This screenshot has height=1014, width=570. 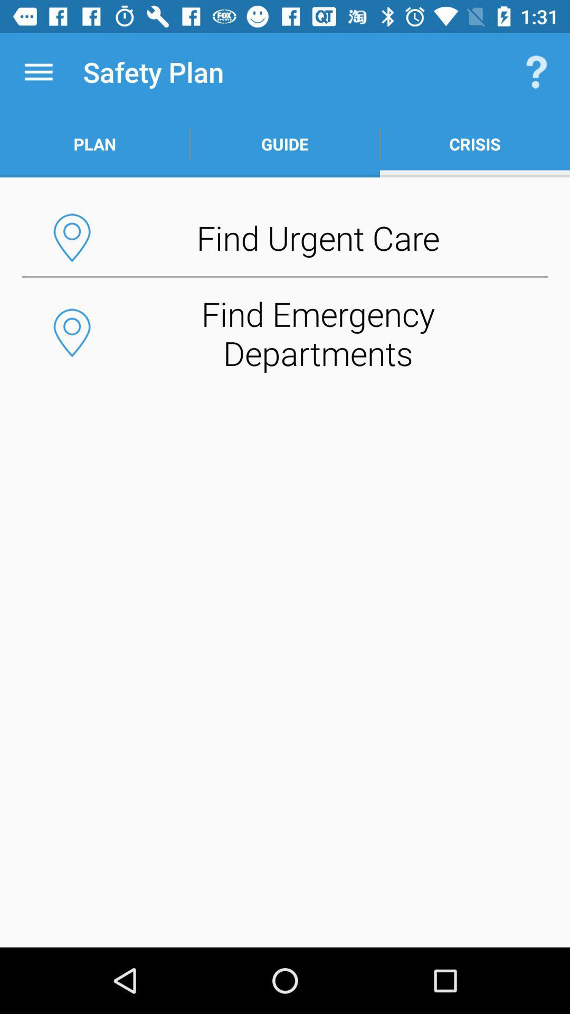 I want to click on the button above the find urgent care, so click(x=285, y=144).